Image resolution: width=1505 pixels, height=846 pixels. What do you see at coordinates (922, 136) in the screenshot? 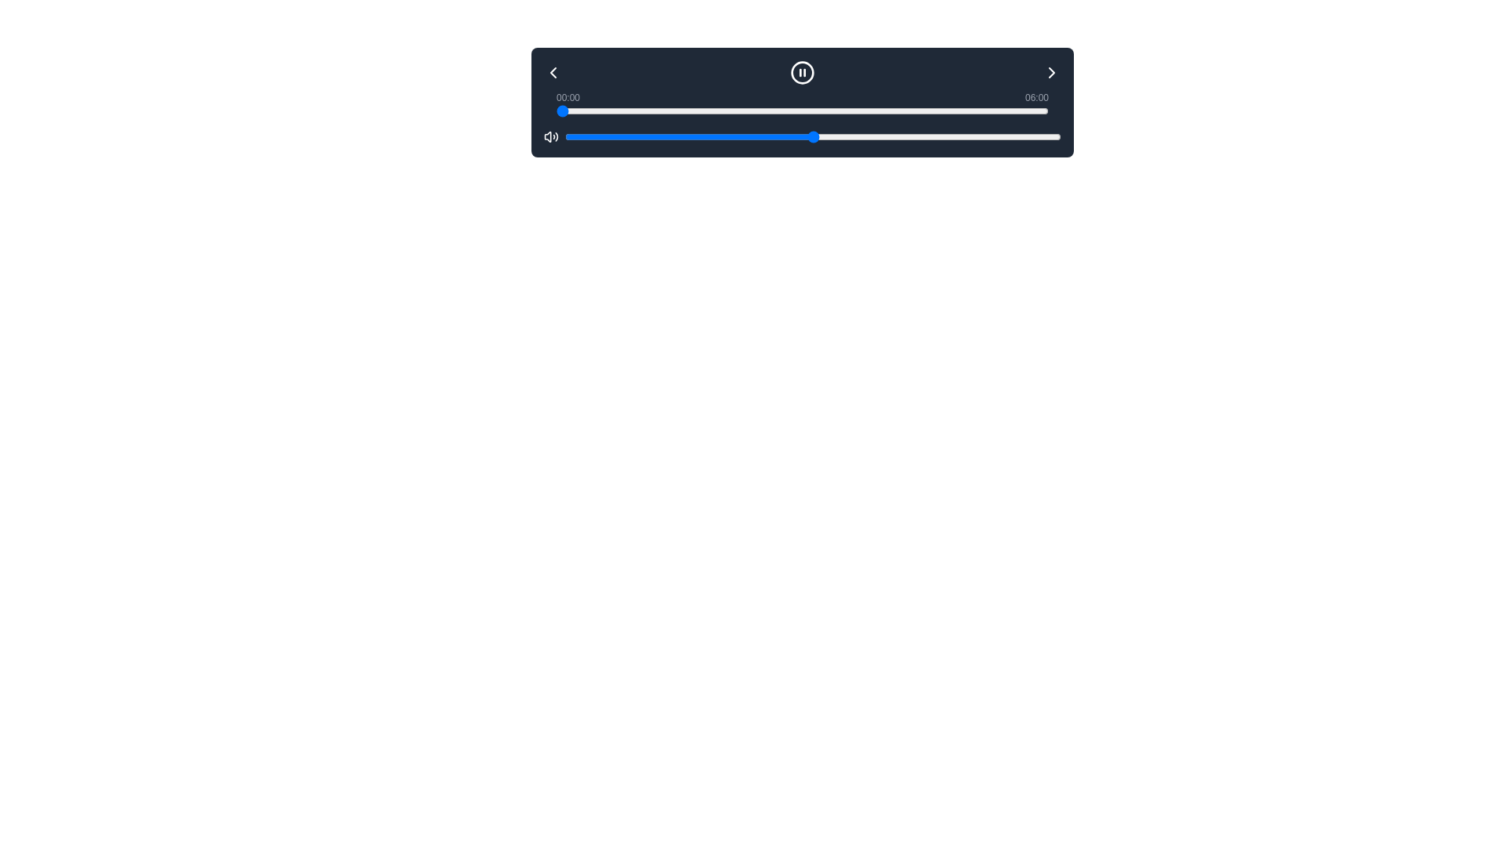
I see `volume` at bounding box center [922, 136].